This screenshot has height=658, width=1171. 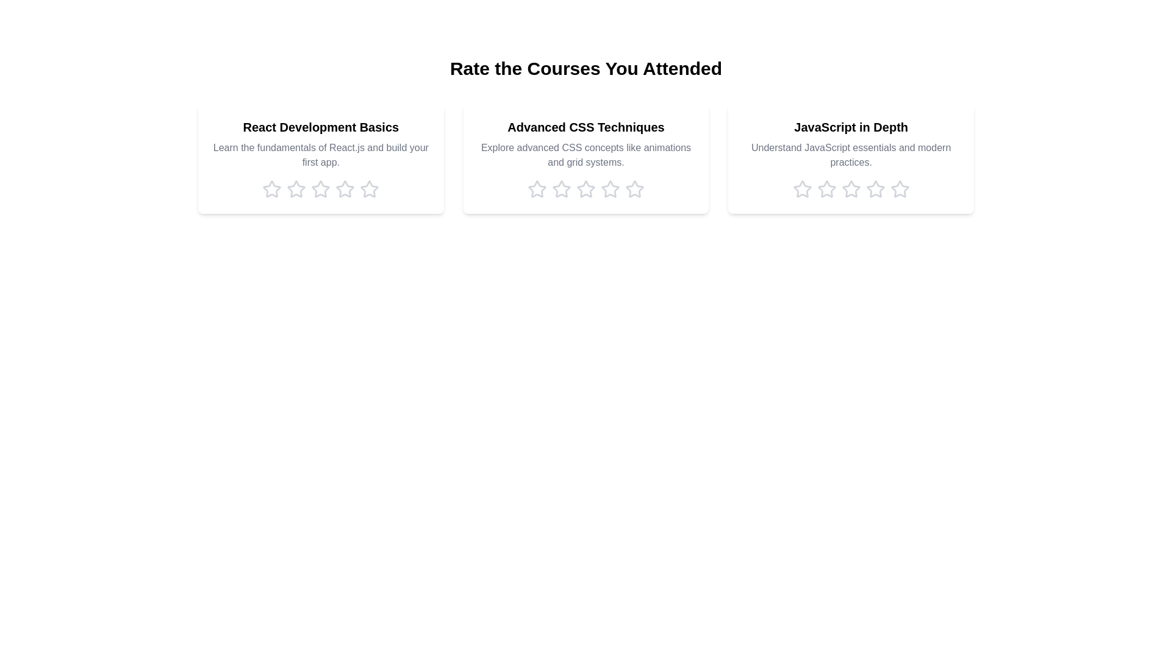 What do you see at coordinates (345, 189) in the screenshot?
I see `the rating for the course 'React Development Basics' to 4 stars` at bounding box center [345, 189].